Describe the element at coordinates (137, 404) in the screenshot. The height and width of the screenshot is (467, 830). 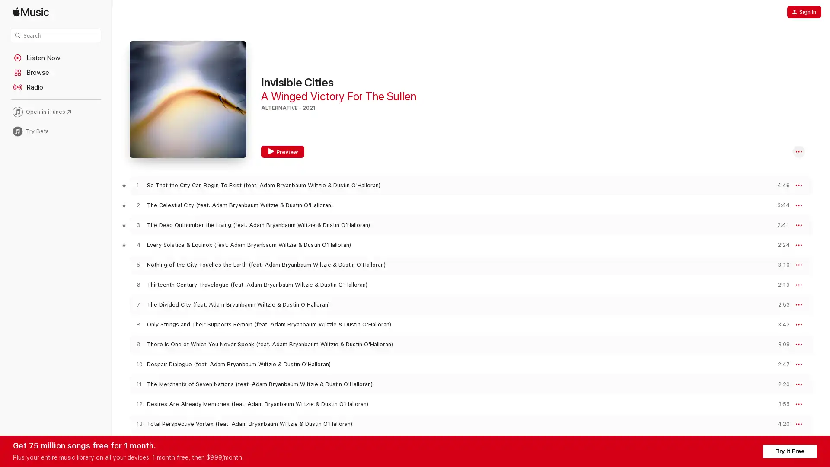
I see `Play` at that location.